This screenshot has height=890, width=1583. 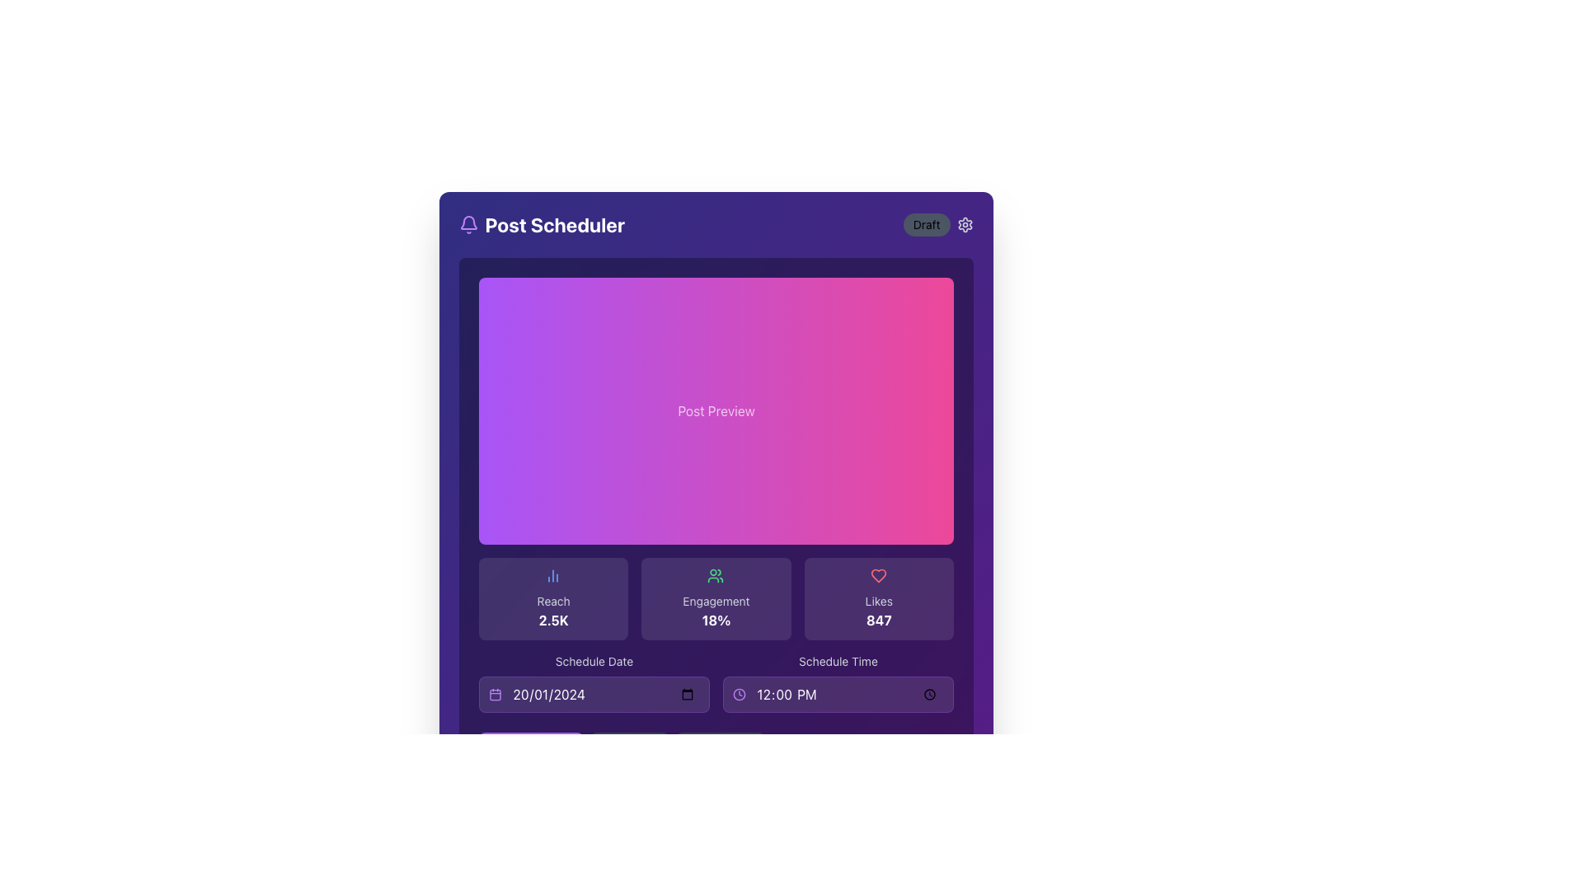 I want to click on the metrics displayed on the 'Reach' informative card, which shows the value '2.5K' in bold white font and is styled with a dark background and a bar chart icon, so click(x=553, y=598).